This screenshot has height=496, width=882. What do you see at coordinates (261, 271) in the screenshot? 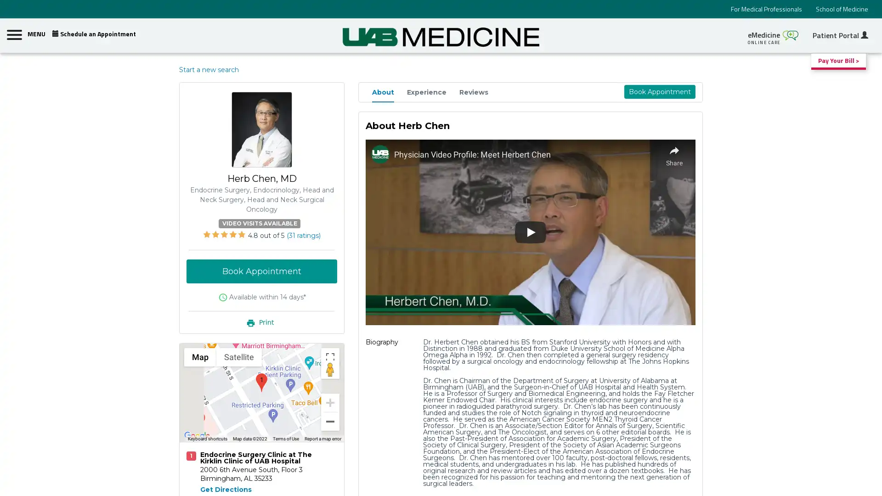
I see `Book Appointment` at bounding box center [261, 271].